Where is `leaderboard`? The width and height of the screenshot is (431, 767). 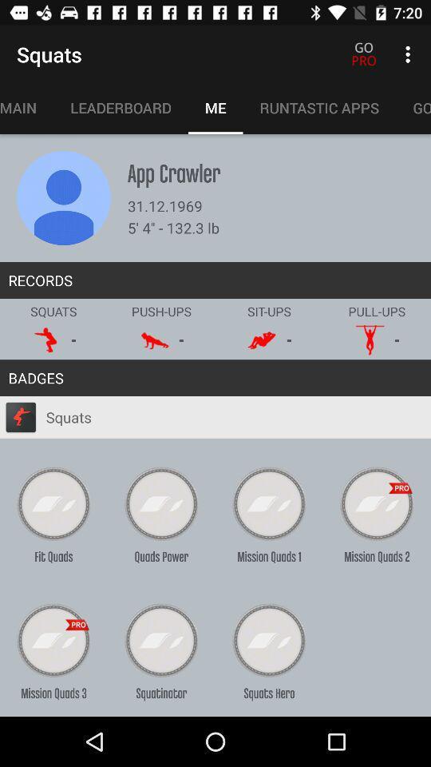
leaderboard is located at coordinates (120, 107).